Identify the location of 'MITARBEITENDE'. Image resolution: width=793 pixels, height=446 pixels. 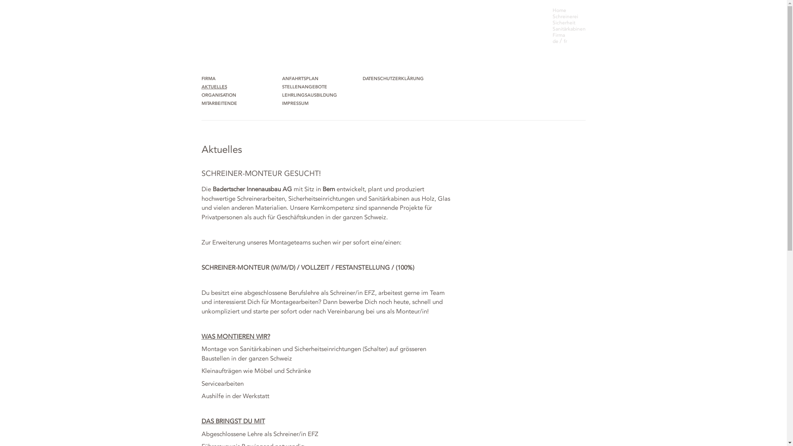
(220, 103).